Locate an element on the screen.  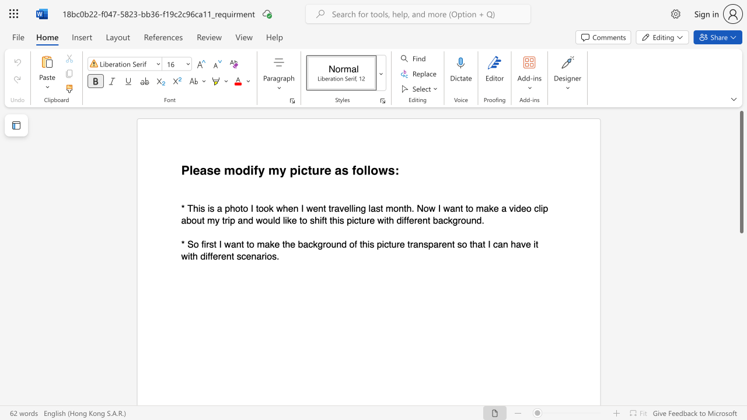
the subset text "p and would like to shift this picture wi" within the text "* This is a photo I took when I went travelling last month. Now I want to make a video clip about my trip and would like to shift this picture with different background." is located at coordinates (230, 220).